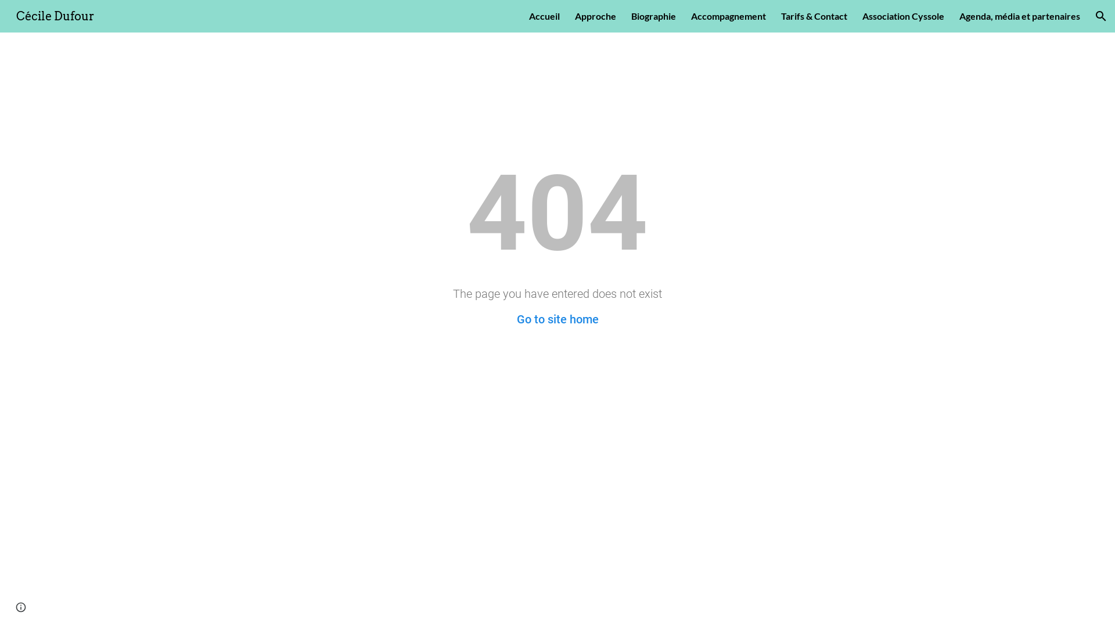  I want to click on 'Association Cyssole', so click(902, 16).